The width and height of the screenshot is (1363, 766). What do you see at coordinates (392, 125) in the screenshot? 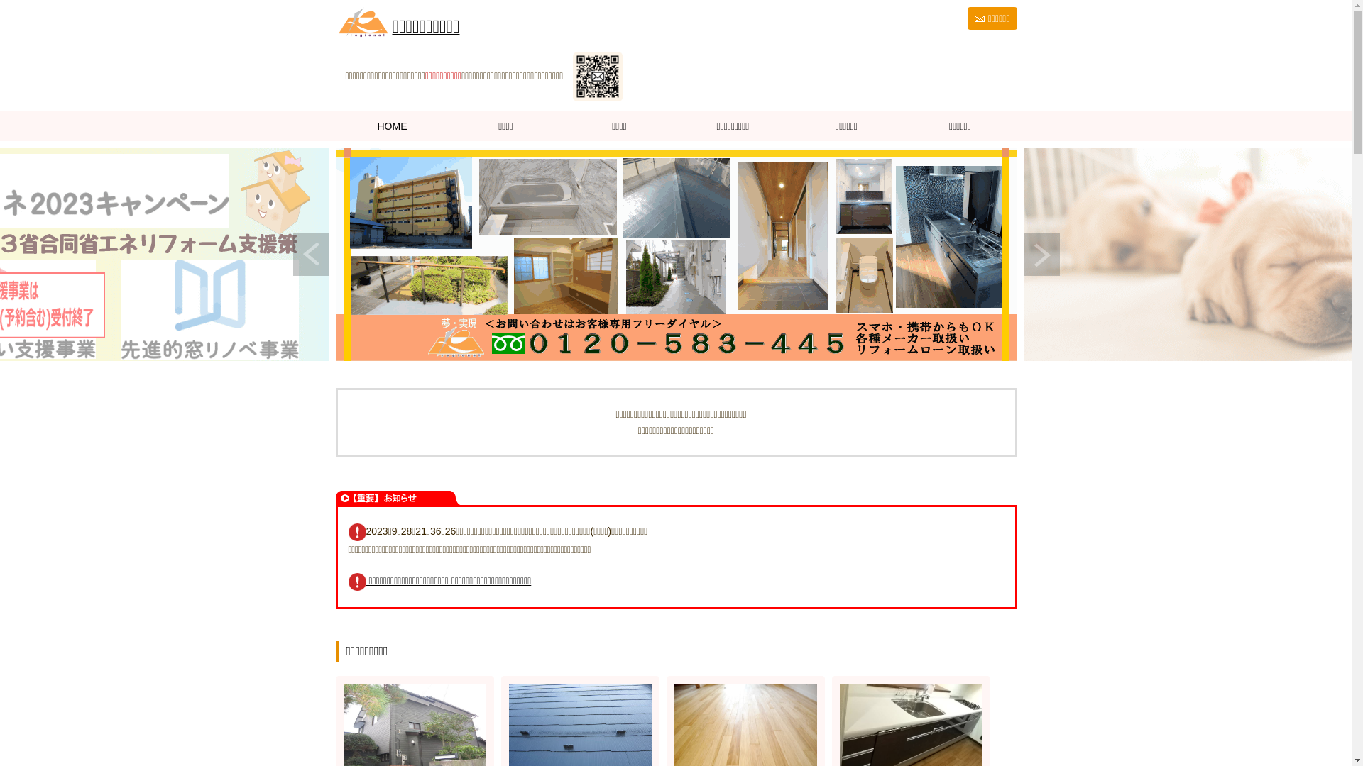
I see `'HOME'` at bounding box center [392, 125].